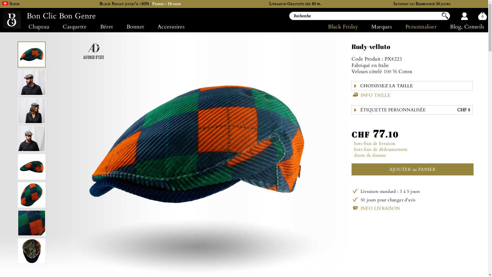 The height and width of the screenshot is (277, 492). I want to click on 'INFO LIVRAISON', so click(376, 208).